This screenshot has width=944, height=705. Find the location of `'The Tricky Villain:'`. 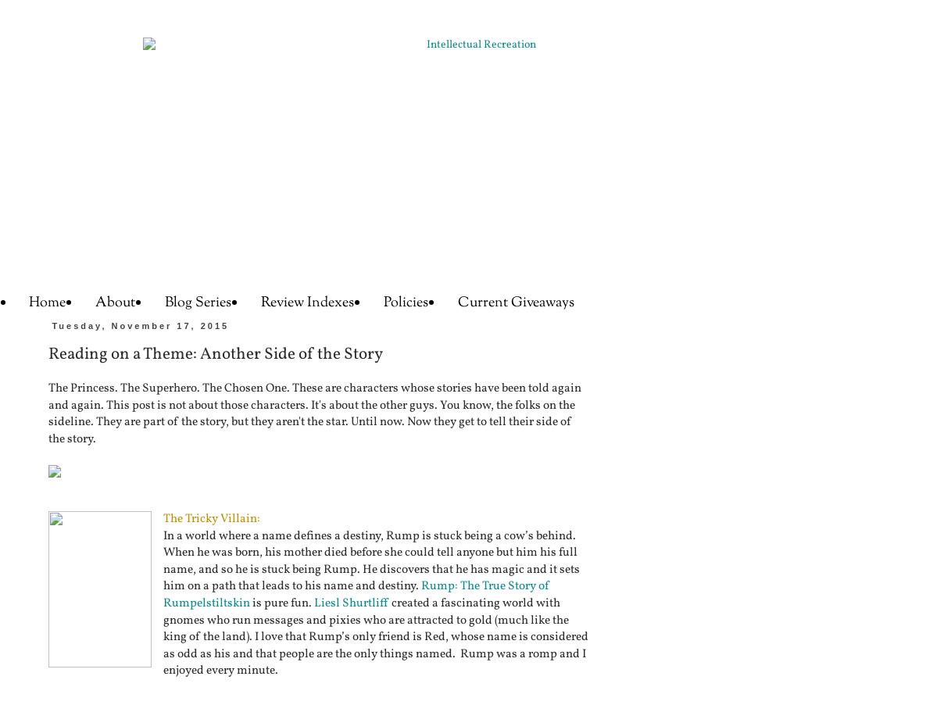

'The Tricky Villain:' is located at coordinates (211, 517).